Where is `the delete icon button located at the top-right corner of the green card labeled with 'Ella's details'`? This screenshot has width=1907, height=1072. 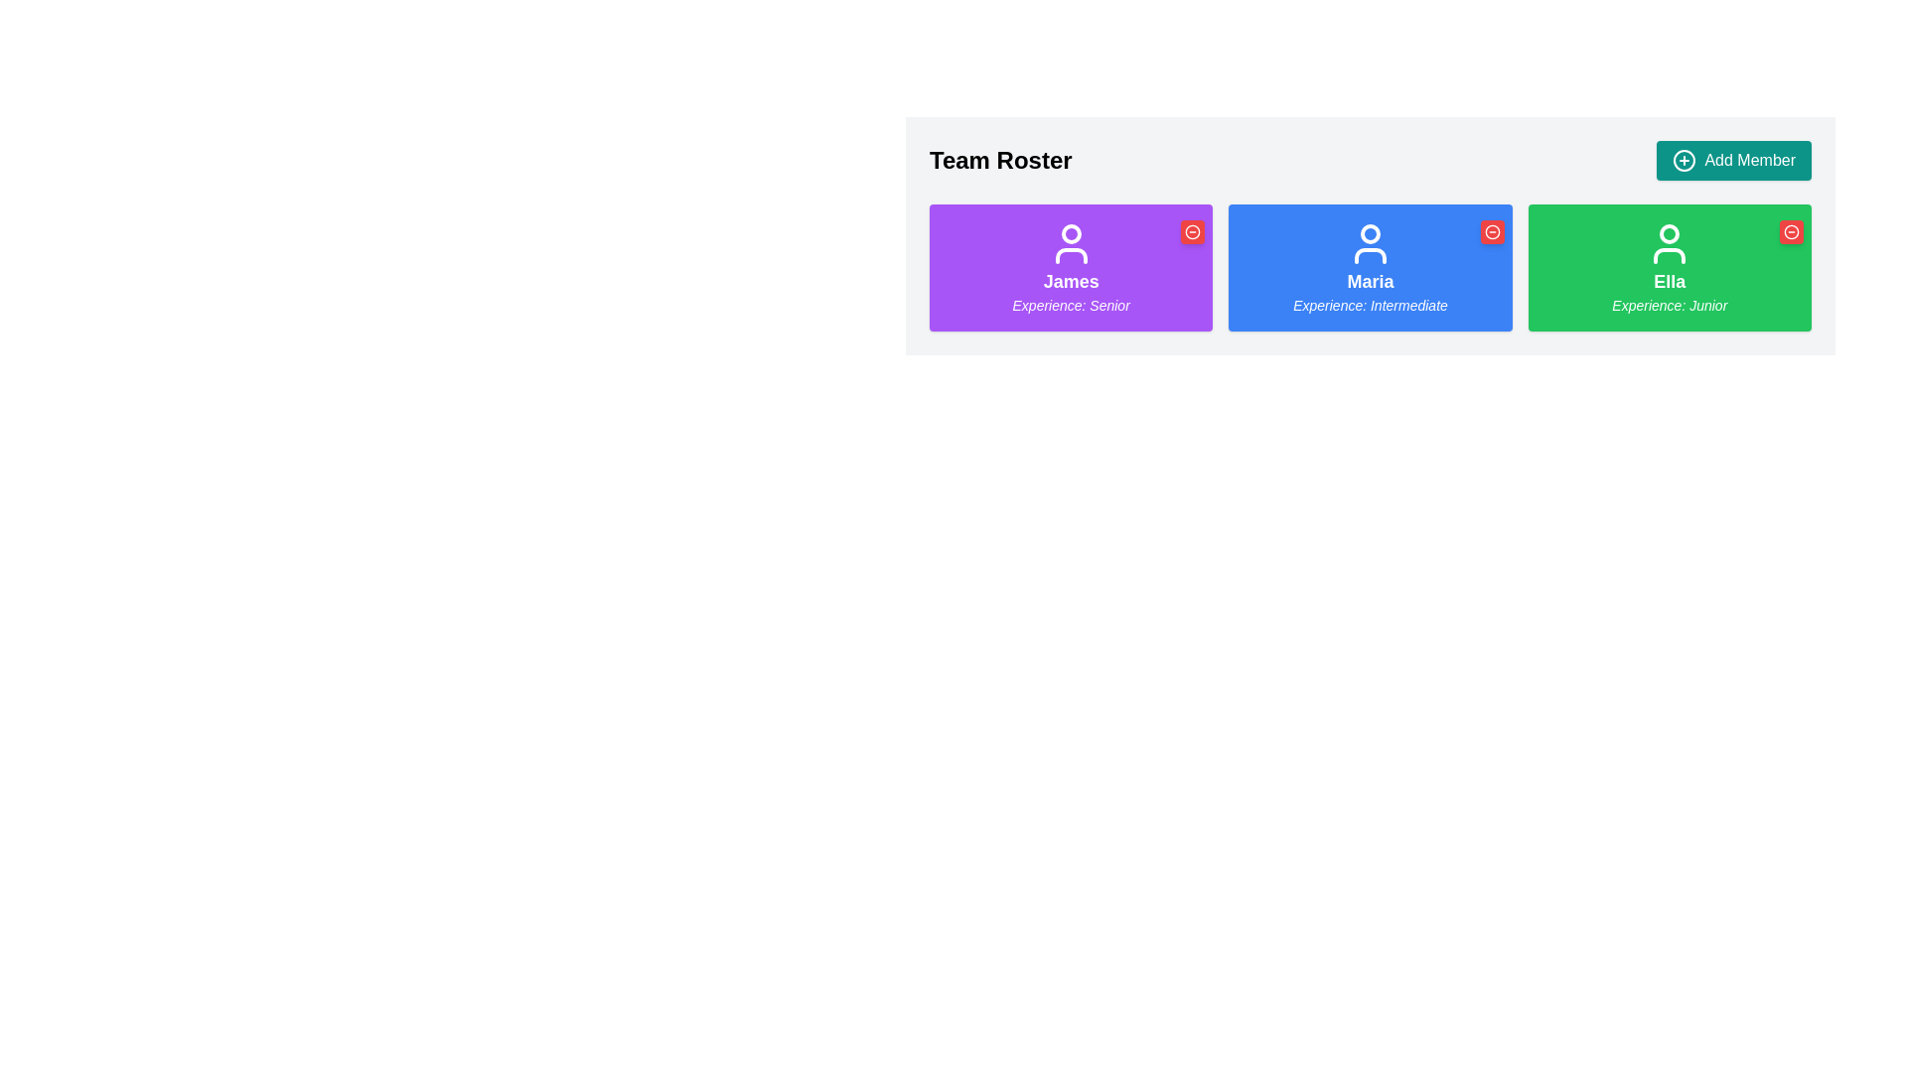 the delete icon button located at the top-right corner of the green card labeled with 'Ella's details' is located at coordinates (1792, 231).